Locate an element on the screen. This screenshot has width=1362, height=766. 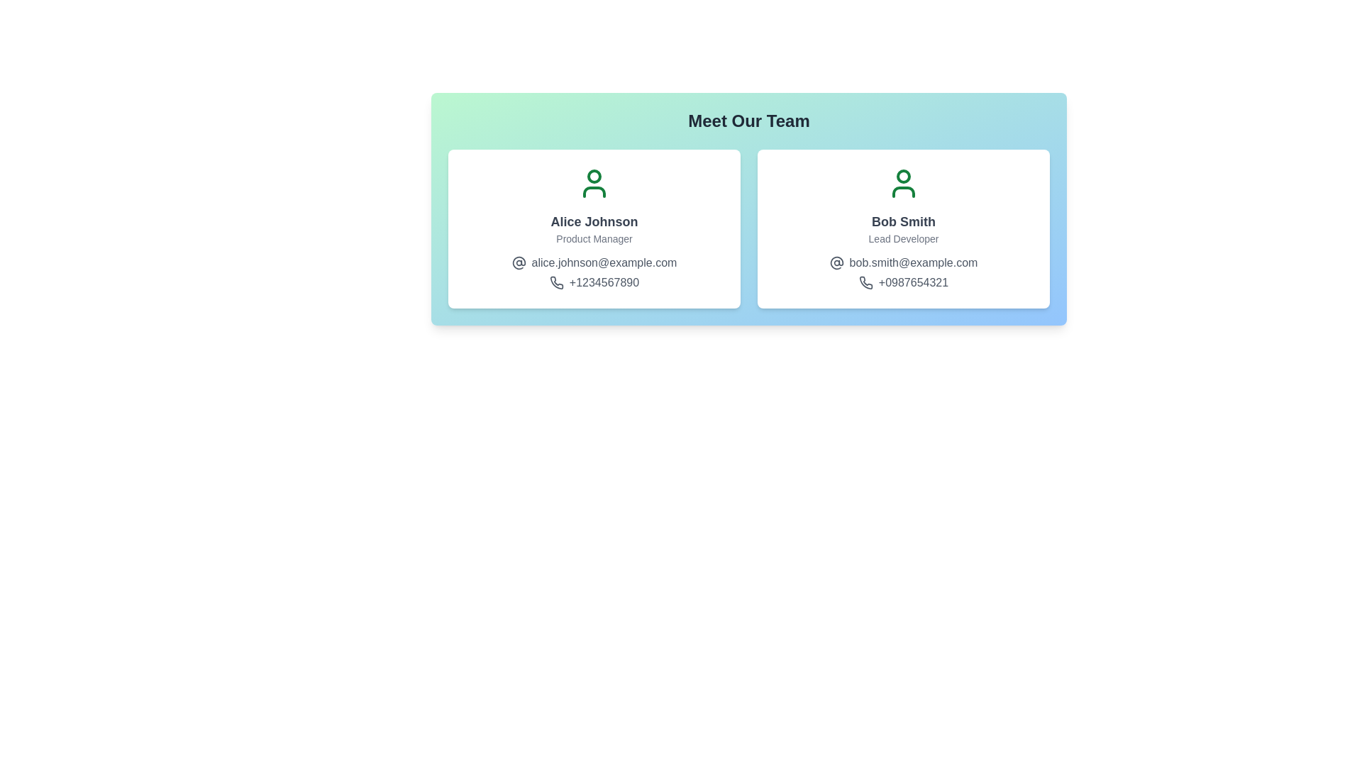
the '@' icon located within the left profile card under the title 'Alice Johnson', preceding the email address 'alice.johnson@example.com' is located at coordinates (518, 262).